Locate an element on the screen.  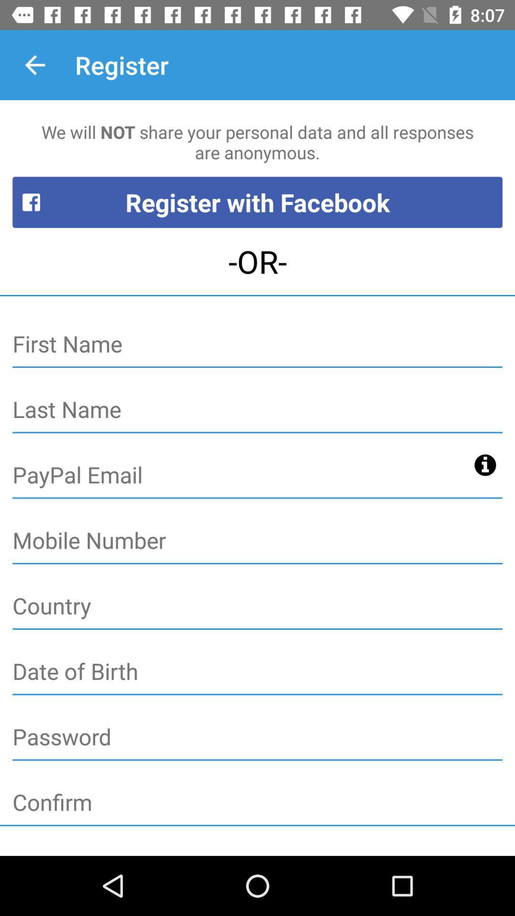
icon above the we will not icon is located at coordinates (34, 64).